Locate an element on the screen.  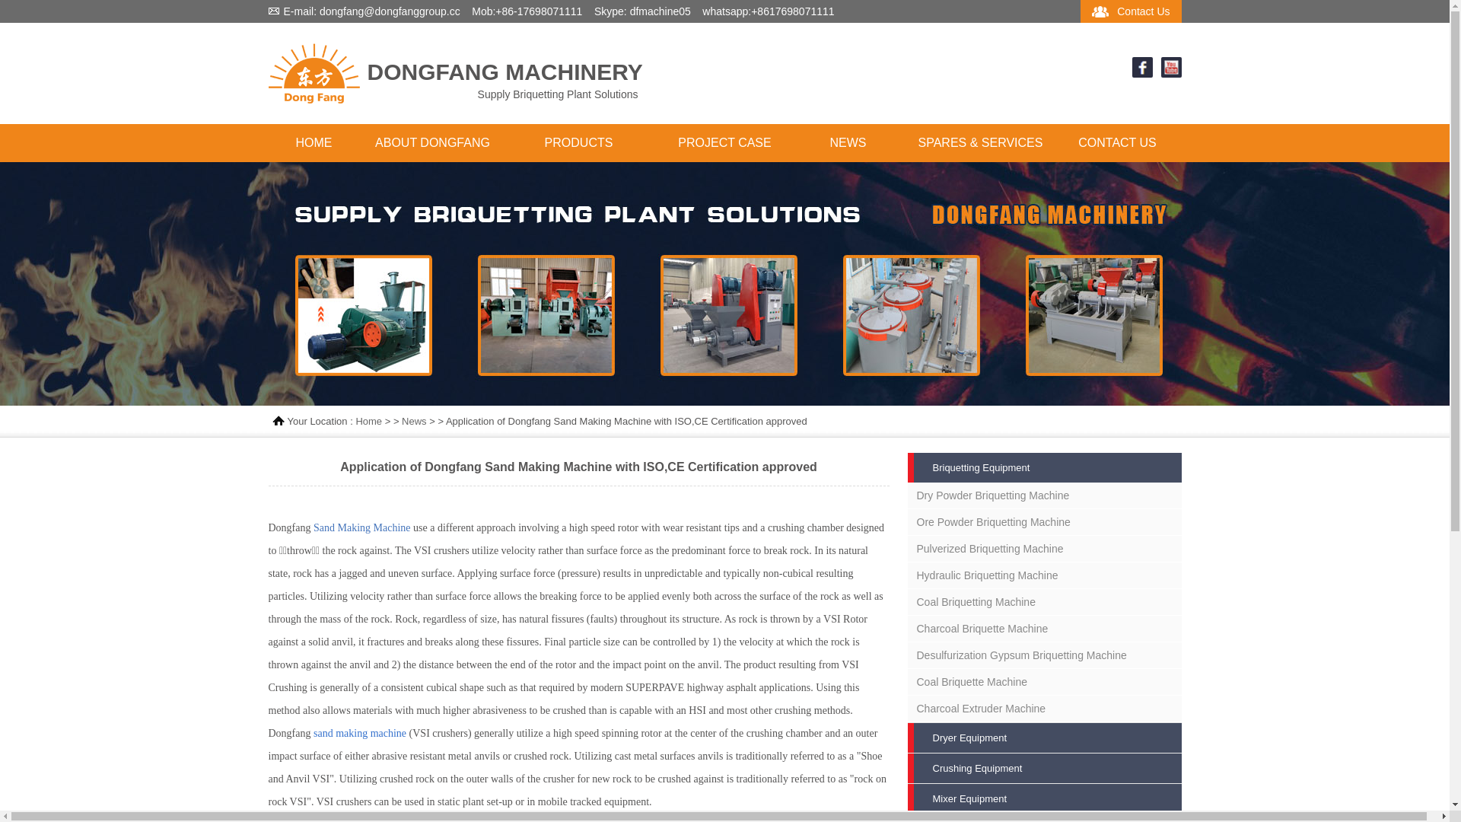
'youtube' is located at coordinates (1170, 73).